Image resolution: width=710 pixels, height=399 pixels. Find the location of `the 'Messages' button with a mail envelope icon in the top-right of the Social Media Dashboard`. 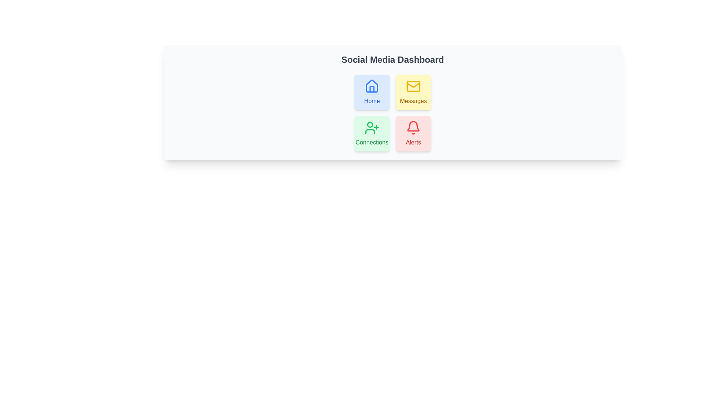

the 'Messages' button with a mail envelope icon in the top-right of the Social Media Dashboard is located at coordinates (413, 92).